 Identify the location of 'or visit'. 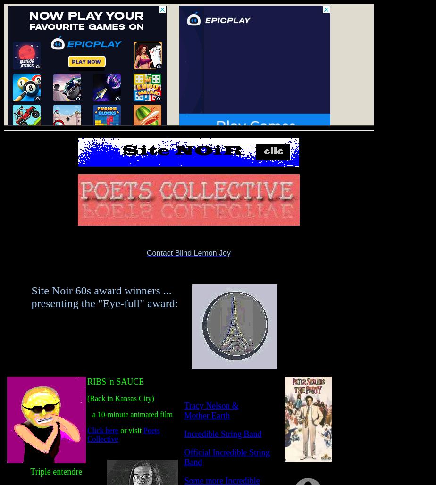
(131, 430).